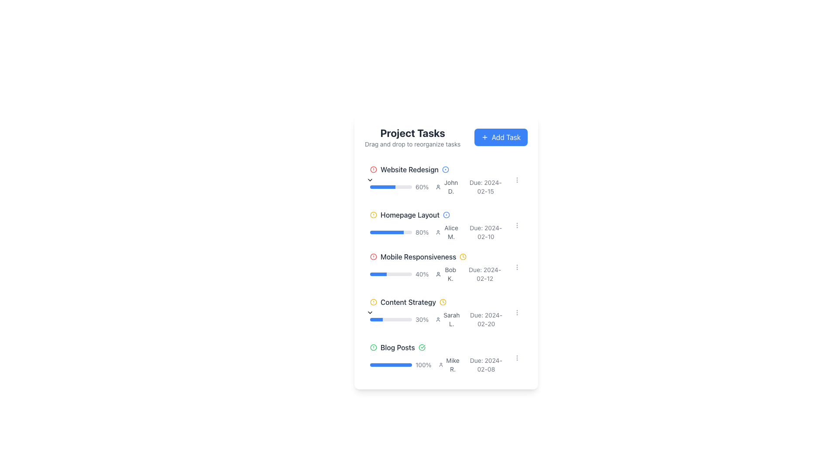 The image size is (838, 471). What do you see at coordinates (437, 273) in the screenshot?
I see `the progress bar in the Informational display group under the 'Mobile Responsiveness' task entry` at bounding box center [437, 273].